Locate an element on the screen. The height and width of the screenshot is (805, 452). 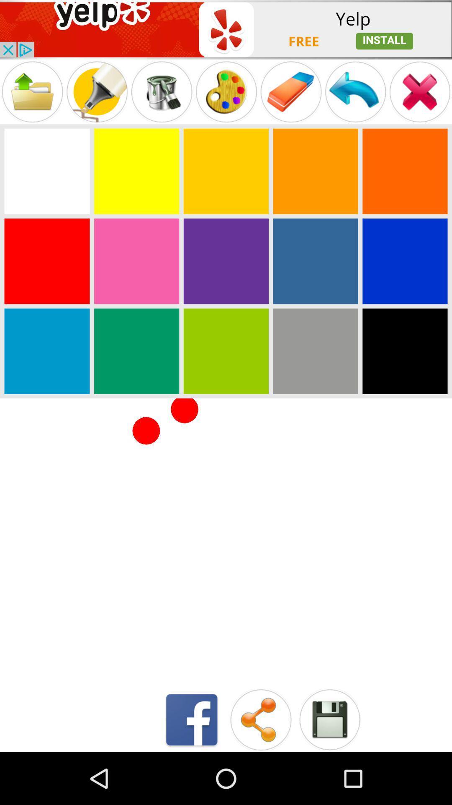
exit app is located at coordinates (420, 92).